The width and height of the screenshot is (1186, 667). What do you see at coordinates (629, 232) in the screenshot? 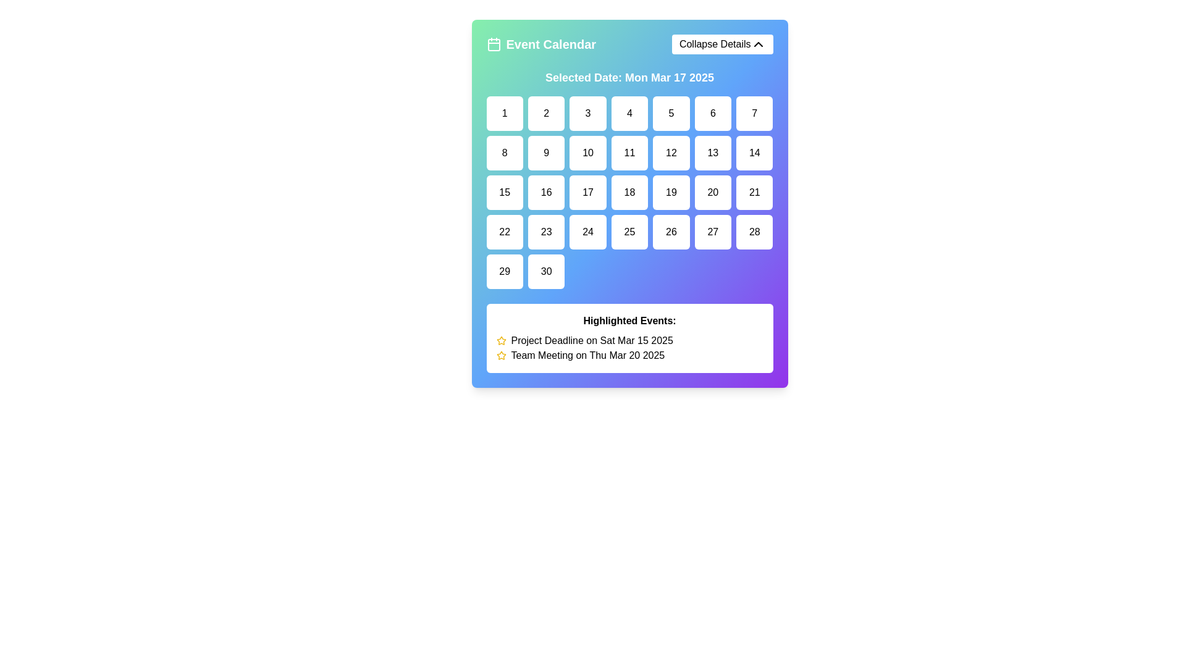
I see `the button representing the 25th day in the calendar grid` at bounding box center [629, 232].